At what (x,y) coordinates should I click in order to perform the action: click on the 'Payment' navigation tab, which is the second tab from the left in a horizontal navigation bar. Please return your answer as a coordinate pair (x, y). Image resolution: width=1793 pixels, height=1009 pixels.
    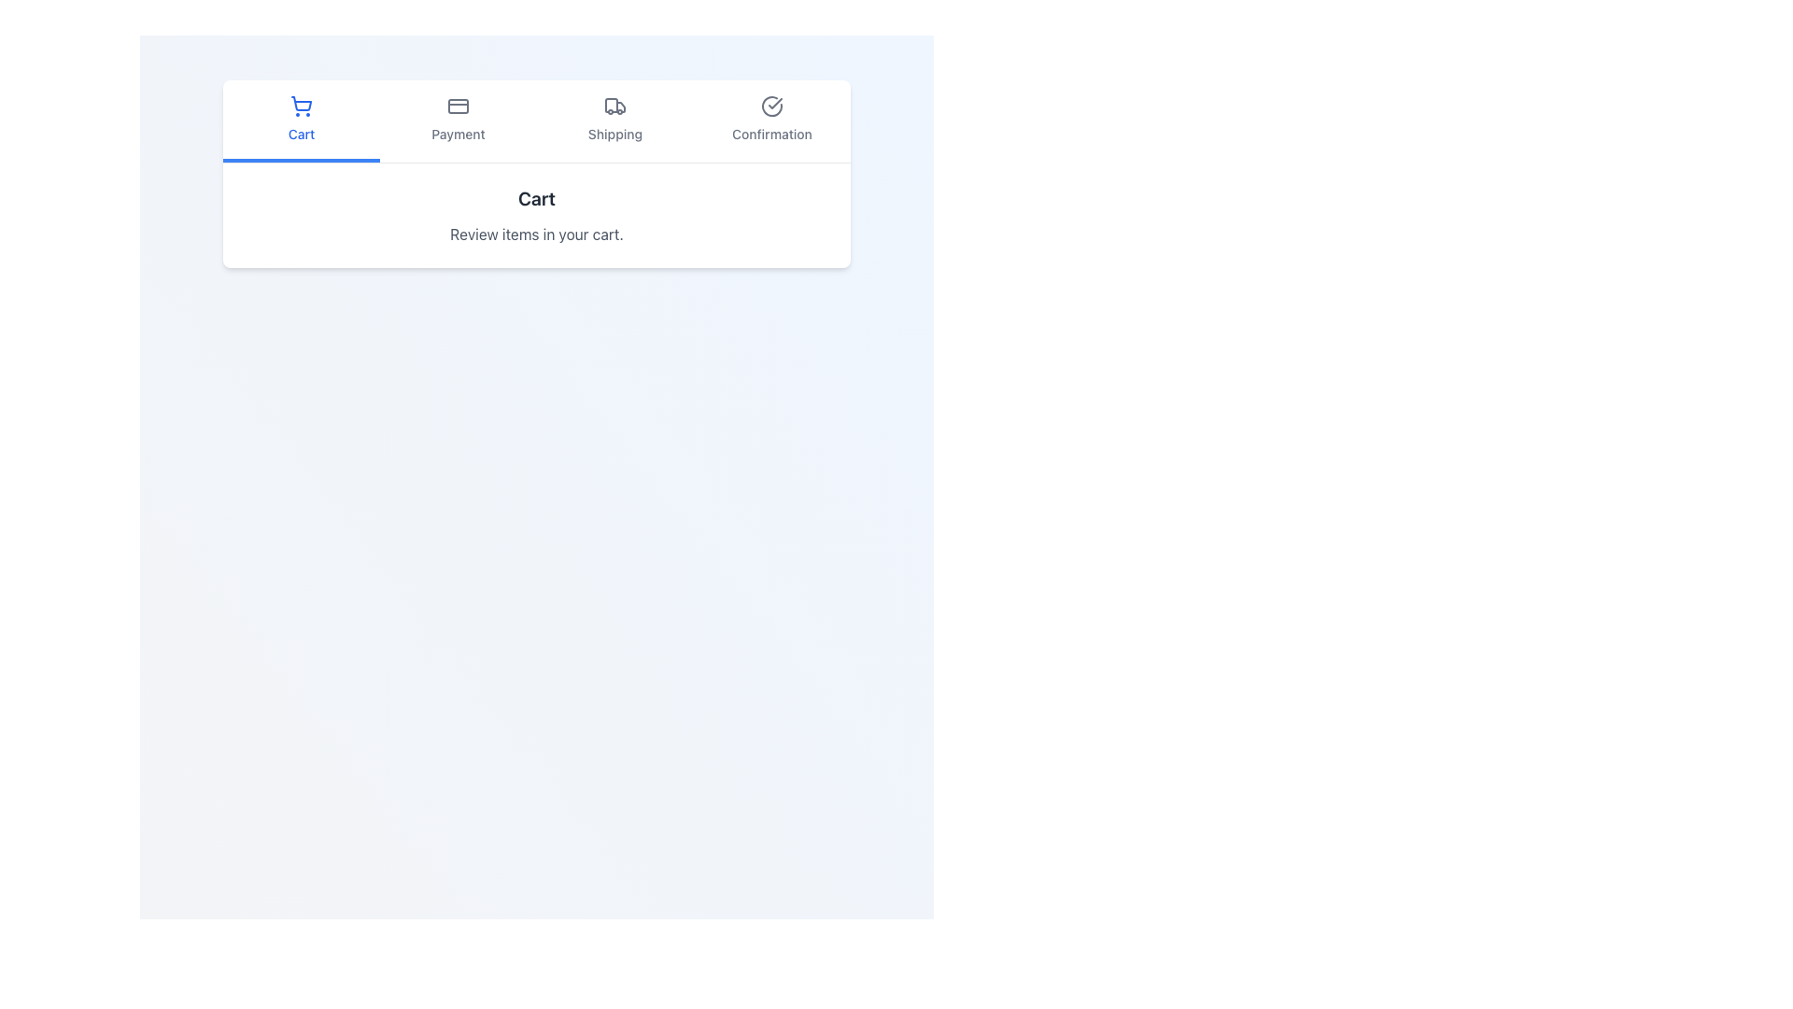
    Looking at the image, I should click on (458, 121).